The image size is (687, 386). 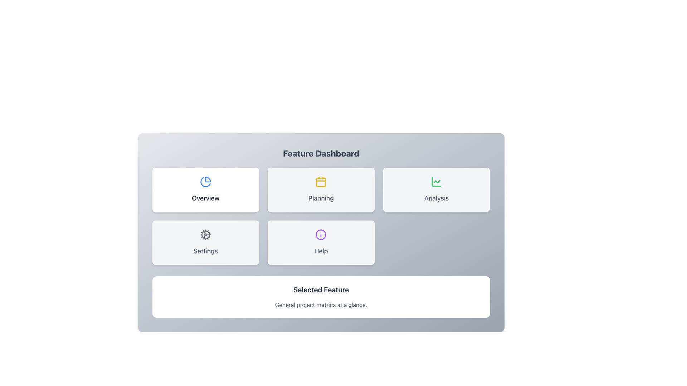 What do you see at coordinates (436, 182) in the screenshot?
I see `the 'Analysis' icon located in the top-right section of the dashboard, which is positioned above the text label within its card` at bounding box center [436, 182].